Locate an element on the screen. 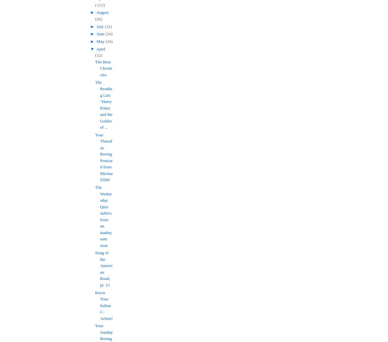  'June' is located at coordinates (96, 34).